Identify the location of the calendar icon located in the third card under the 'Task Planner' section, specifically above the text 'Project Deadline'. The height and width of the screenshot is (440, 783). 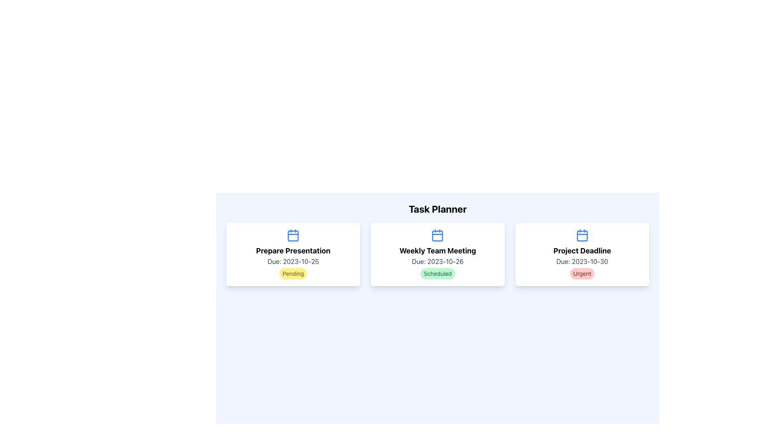
(582, 235).